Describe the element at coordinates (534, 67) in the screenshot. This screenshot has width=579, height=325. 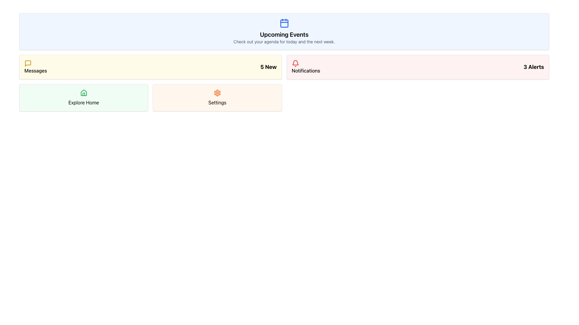
I see `the text label indicating the number of alerts within the notifications pane, located on the right side of the second row adjacent to 'Notifications'` at that location.